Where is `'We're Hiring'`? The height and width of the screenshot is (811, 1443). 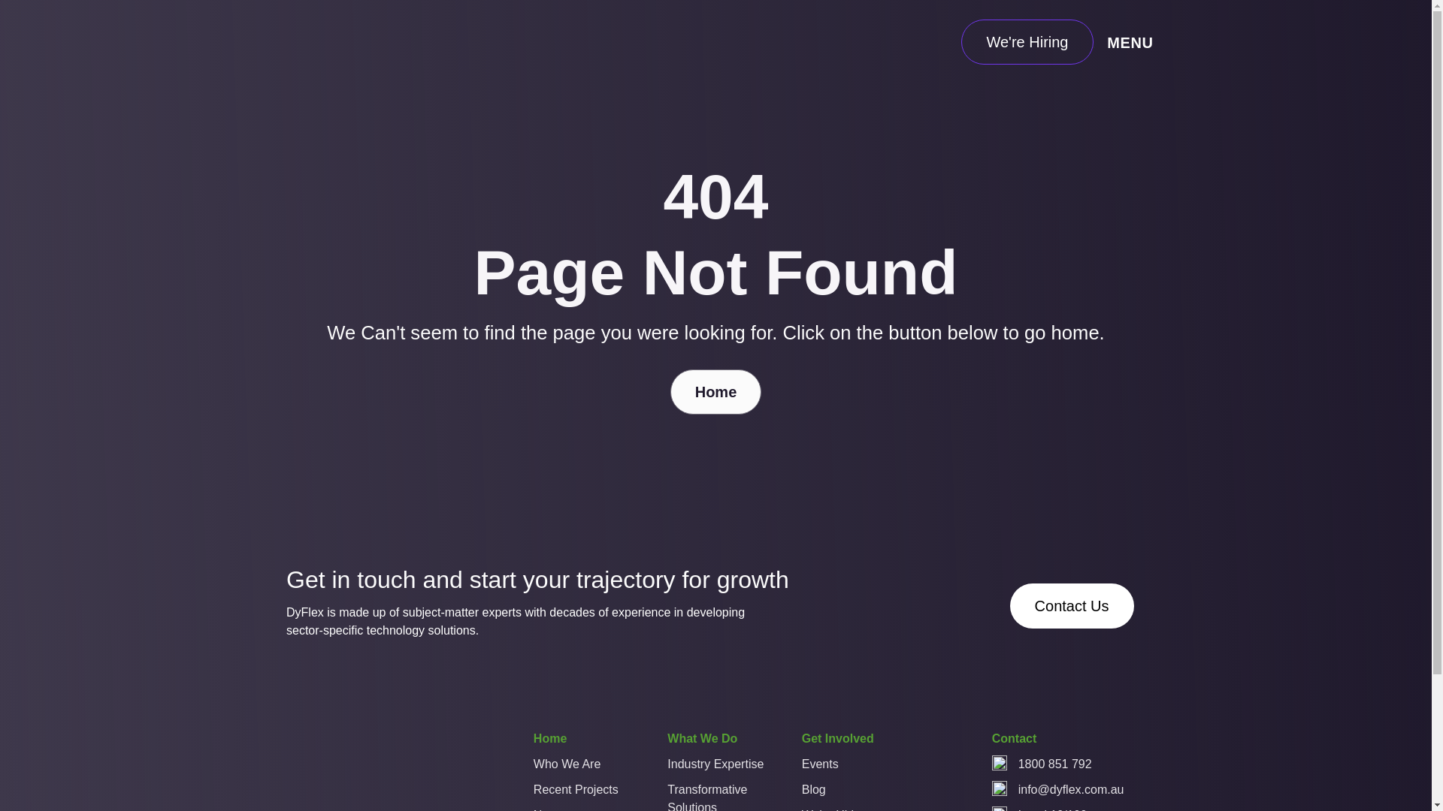 'We're Hiring' is located at coordinates (1026, 41).